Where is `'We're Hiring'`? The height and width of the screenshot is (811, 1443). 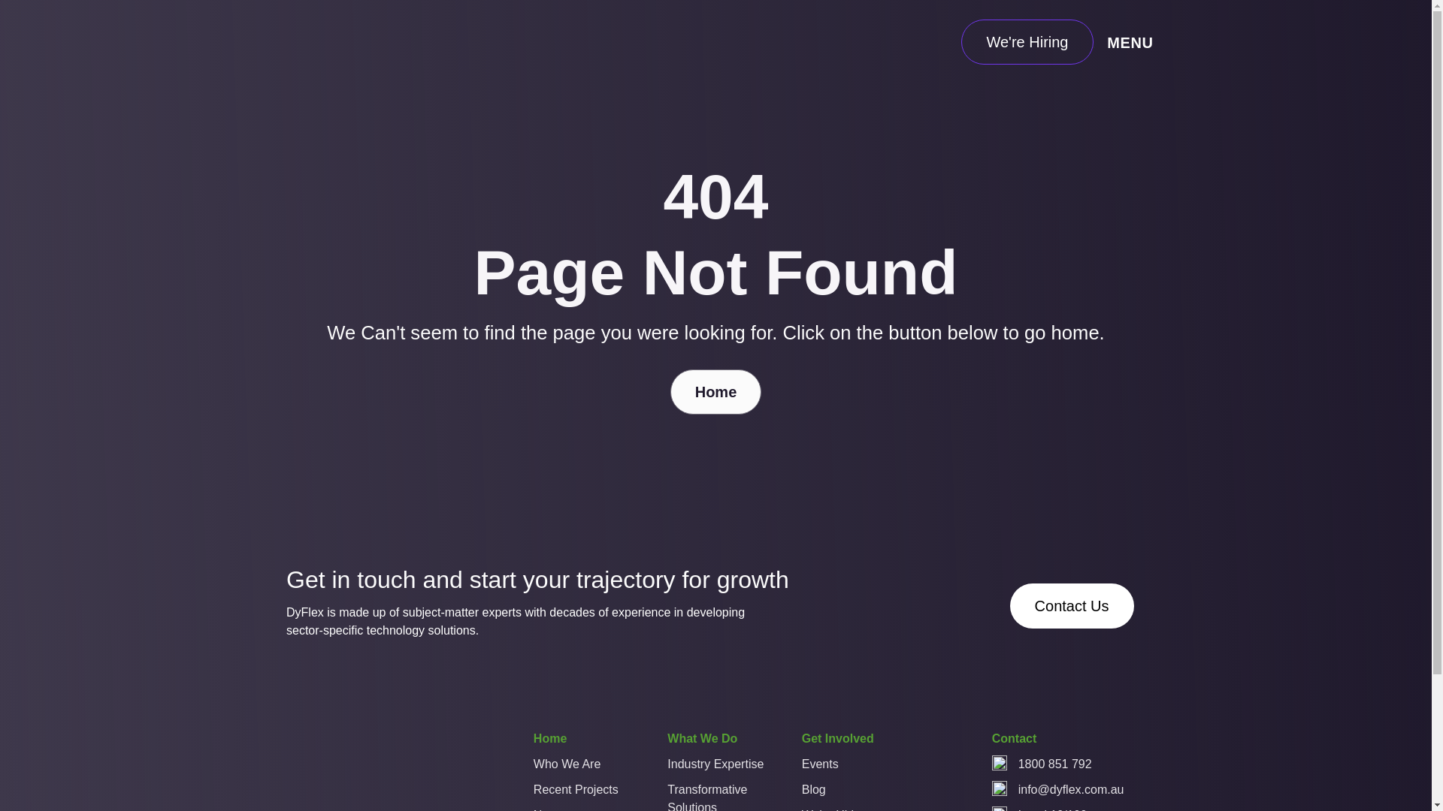 'We're Hiring' is located at coordinates (1026, 41).